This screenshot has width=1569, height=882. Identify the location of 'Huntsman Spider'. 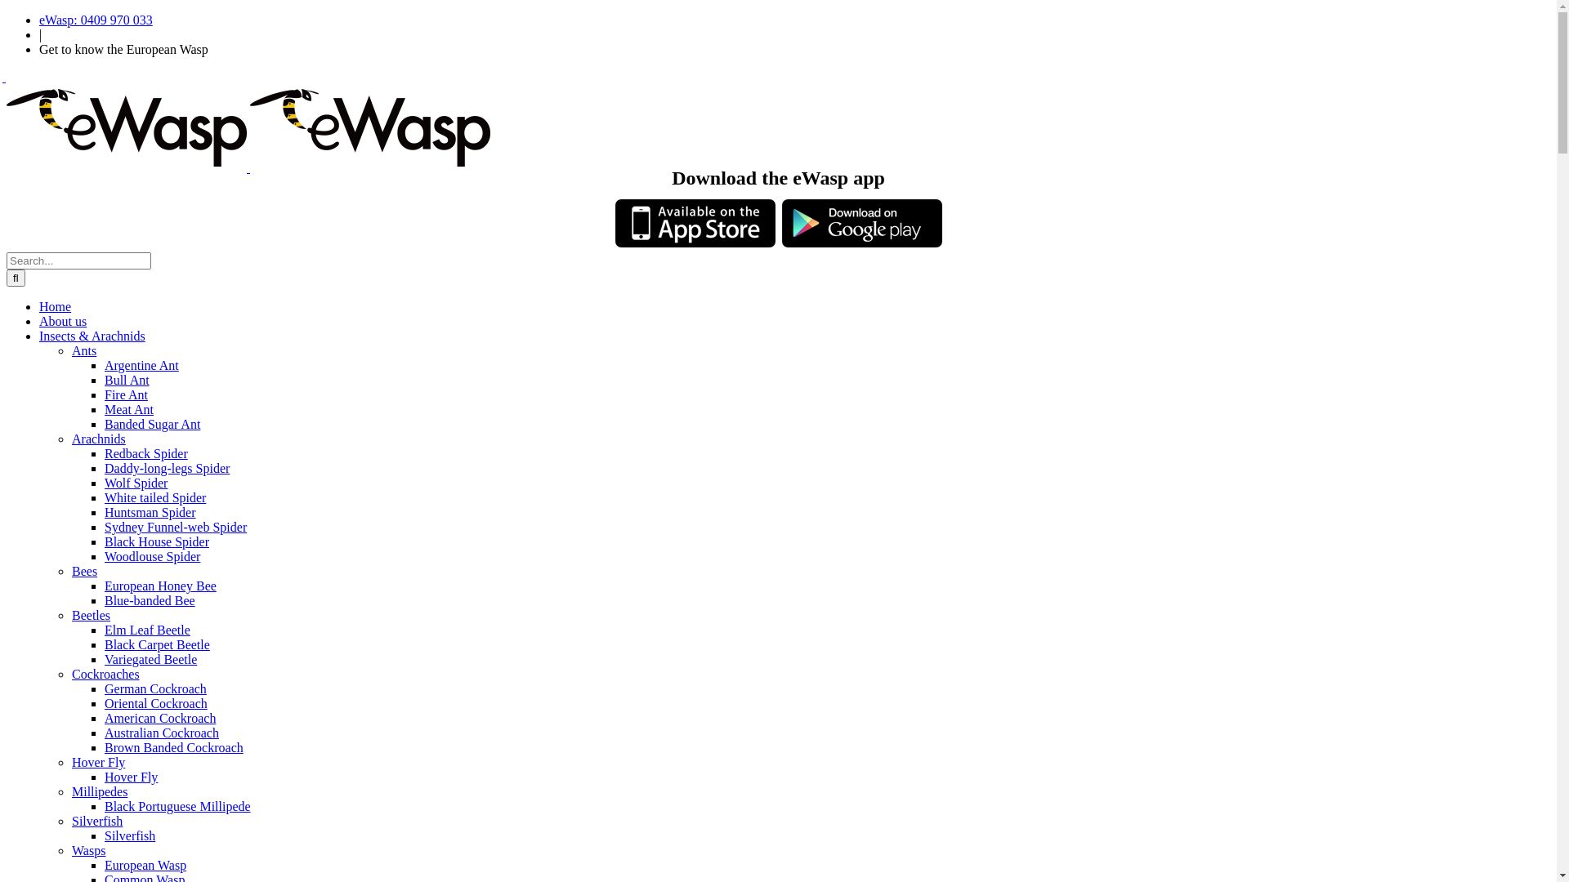
(104, 511).